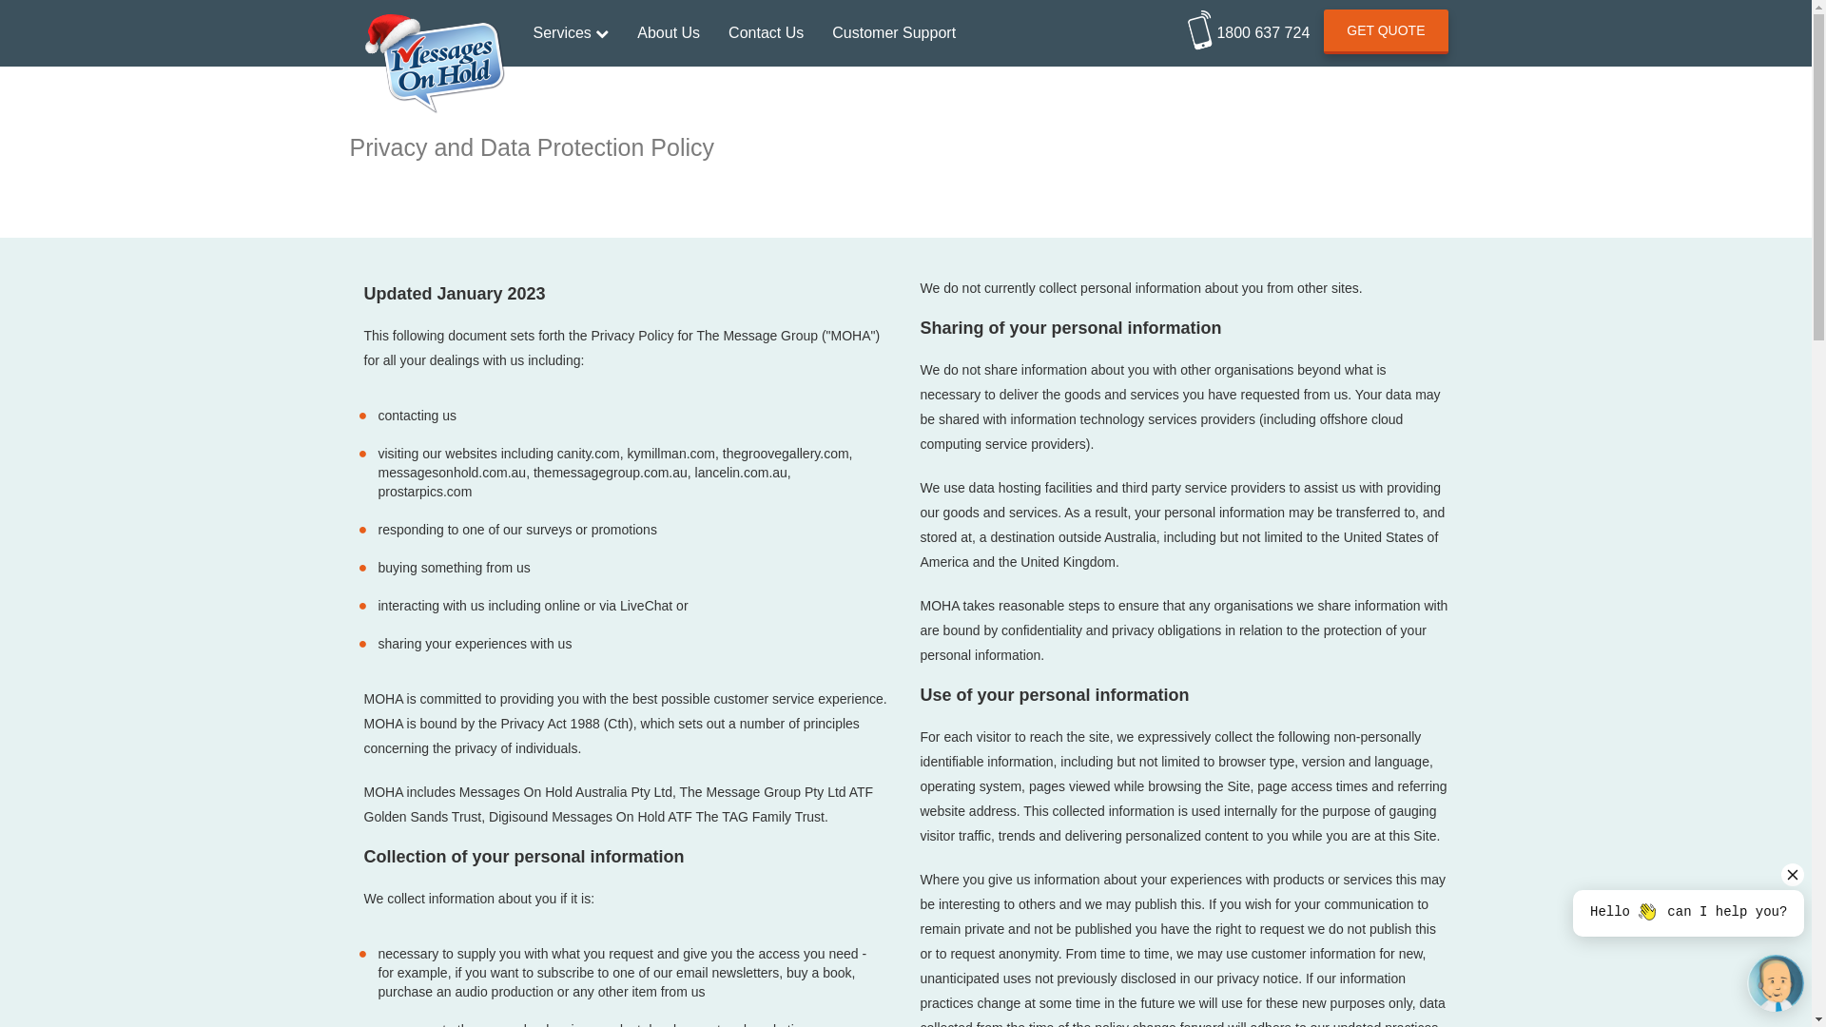 This screenshot has width=1826, height=1027. Describe the element at coordinates (433, 23) in the screenshot. I see `'Home | Messages On Hold'` at that location.